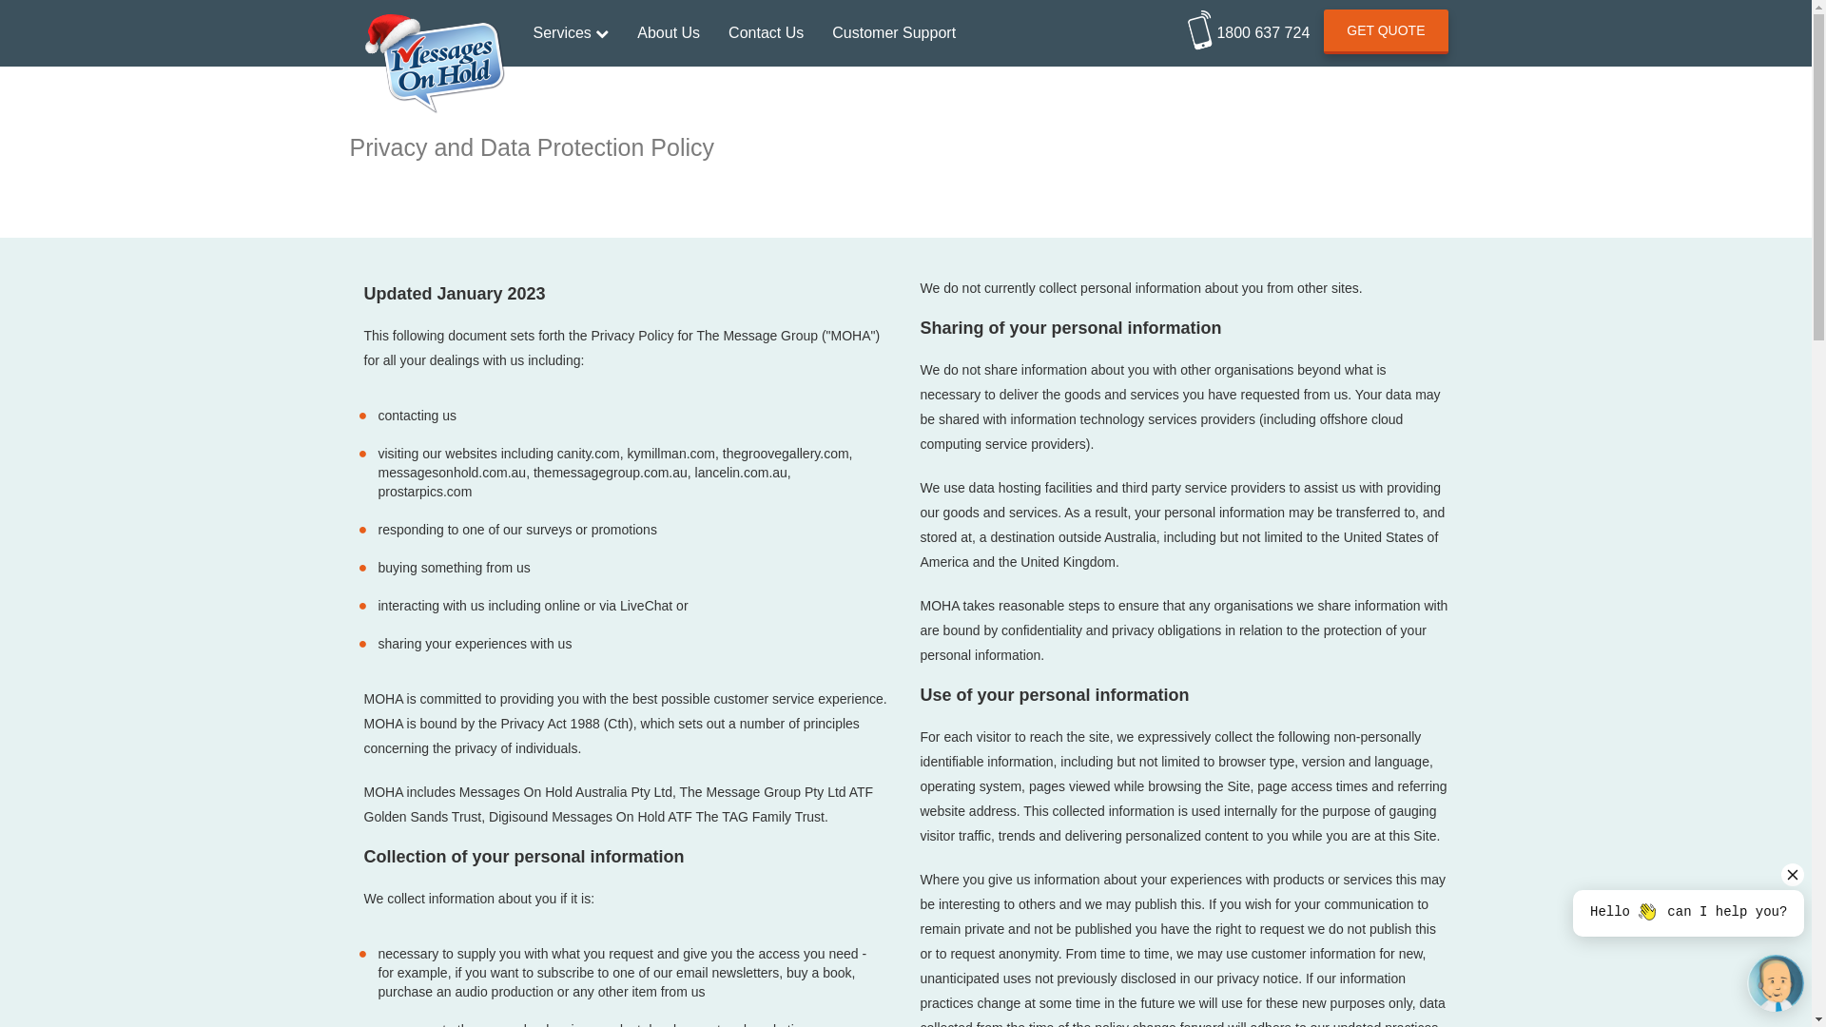 This screenshot has width=1826, height=1027. Describe the element at coordinates (433, 23) in the screenshot. I see `'Home | Messages On Hold'` at that location.